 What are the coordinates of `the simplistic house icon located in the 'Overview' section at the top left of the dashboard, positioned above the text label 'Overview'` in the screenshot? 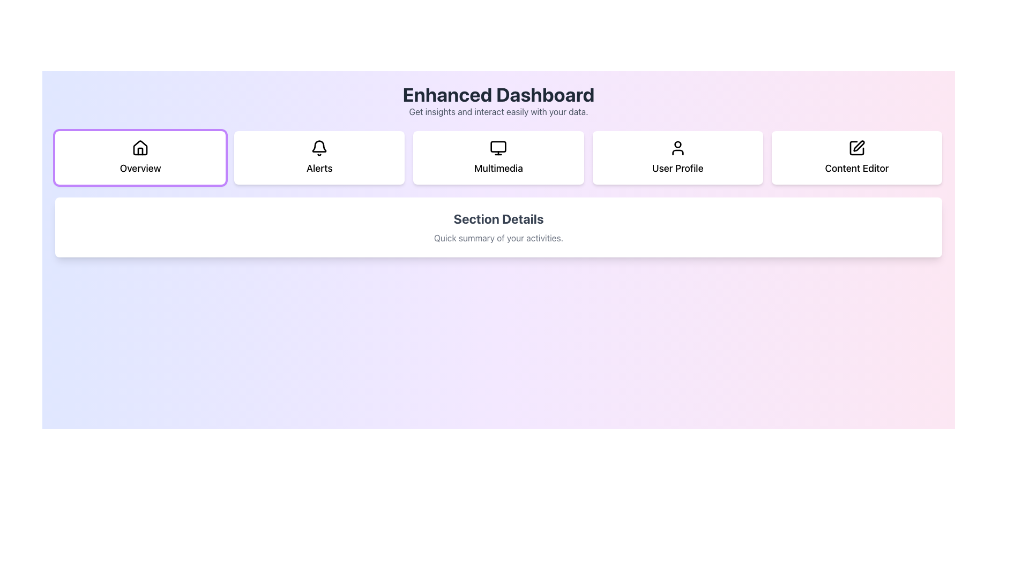 It's located at (140, 148).